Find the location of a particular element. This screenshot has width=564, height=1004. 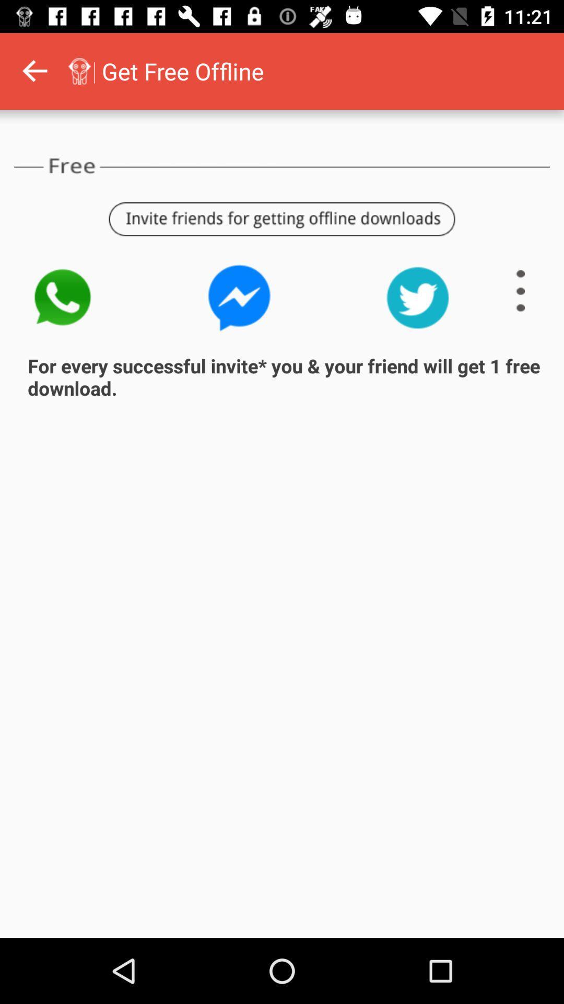

call using whatsapp is located at coordinates (62, 297).